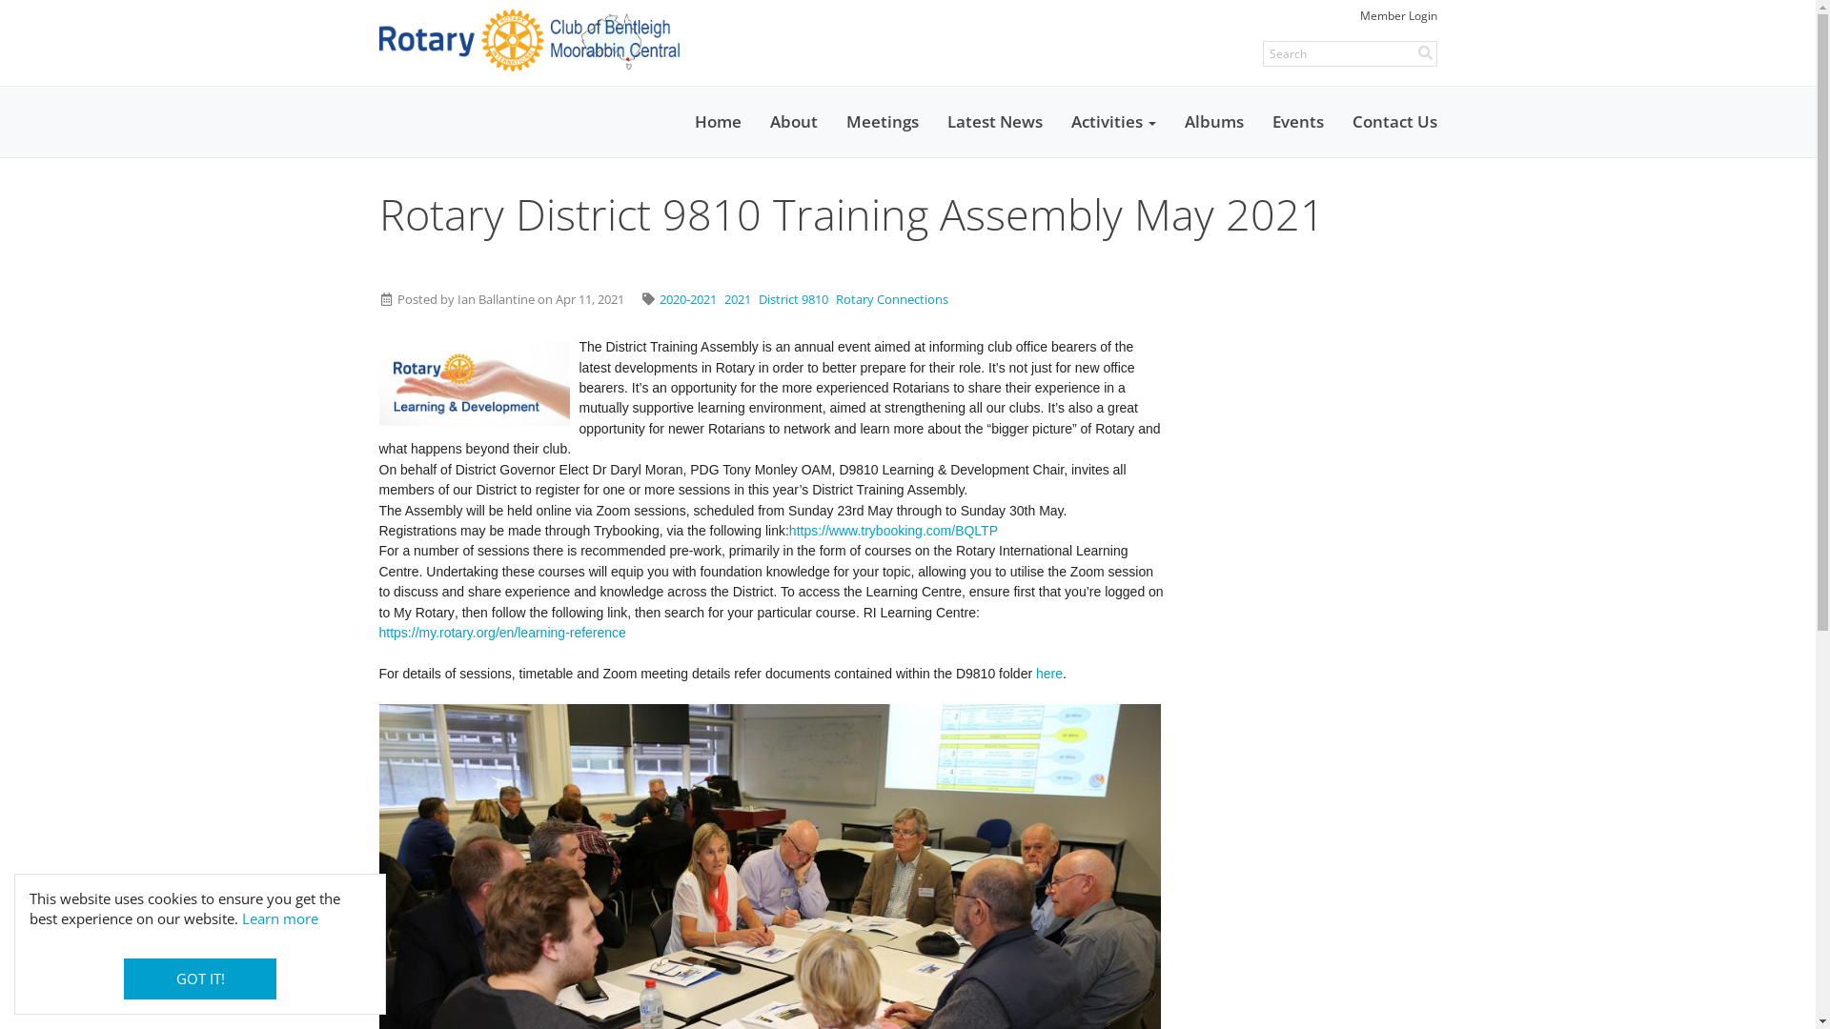 Image resolution: width=1830 pixels, height=1029 pixels. I want to click on '2021', so click(736, 298).